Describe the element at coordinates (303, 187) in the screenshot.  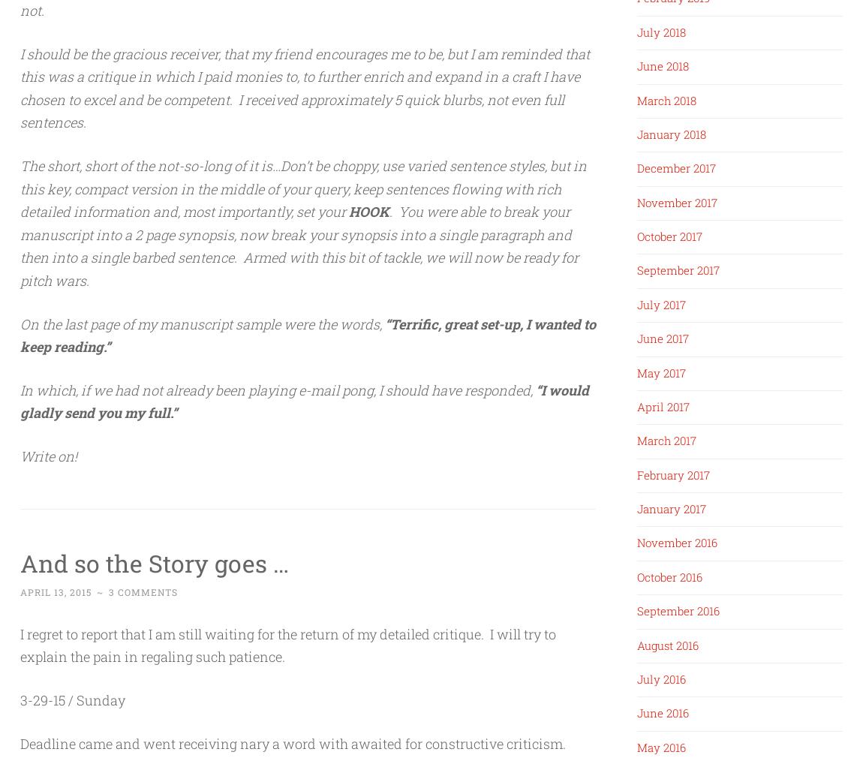
I see `'The short, short of the not-so-long of it is…Don’t be choppy, use varied sentence styles, but in this key, compact version in the middle of your query, keep sentences flowing with rich detailed information and, most importantly, set your'` at that location.